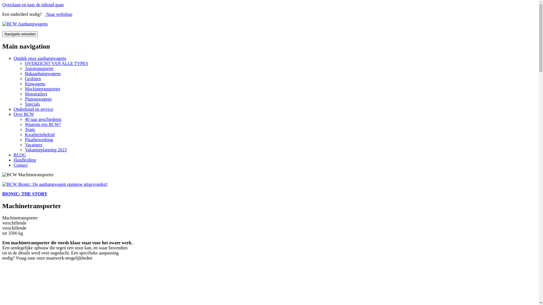 Image resolution: width=543 pixels, height=305 pixels. I want to click on 'Navigatie wisselen', so click(20, 34).